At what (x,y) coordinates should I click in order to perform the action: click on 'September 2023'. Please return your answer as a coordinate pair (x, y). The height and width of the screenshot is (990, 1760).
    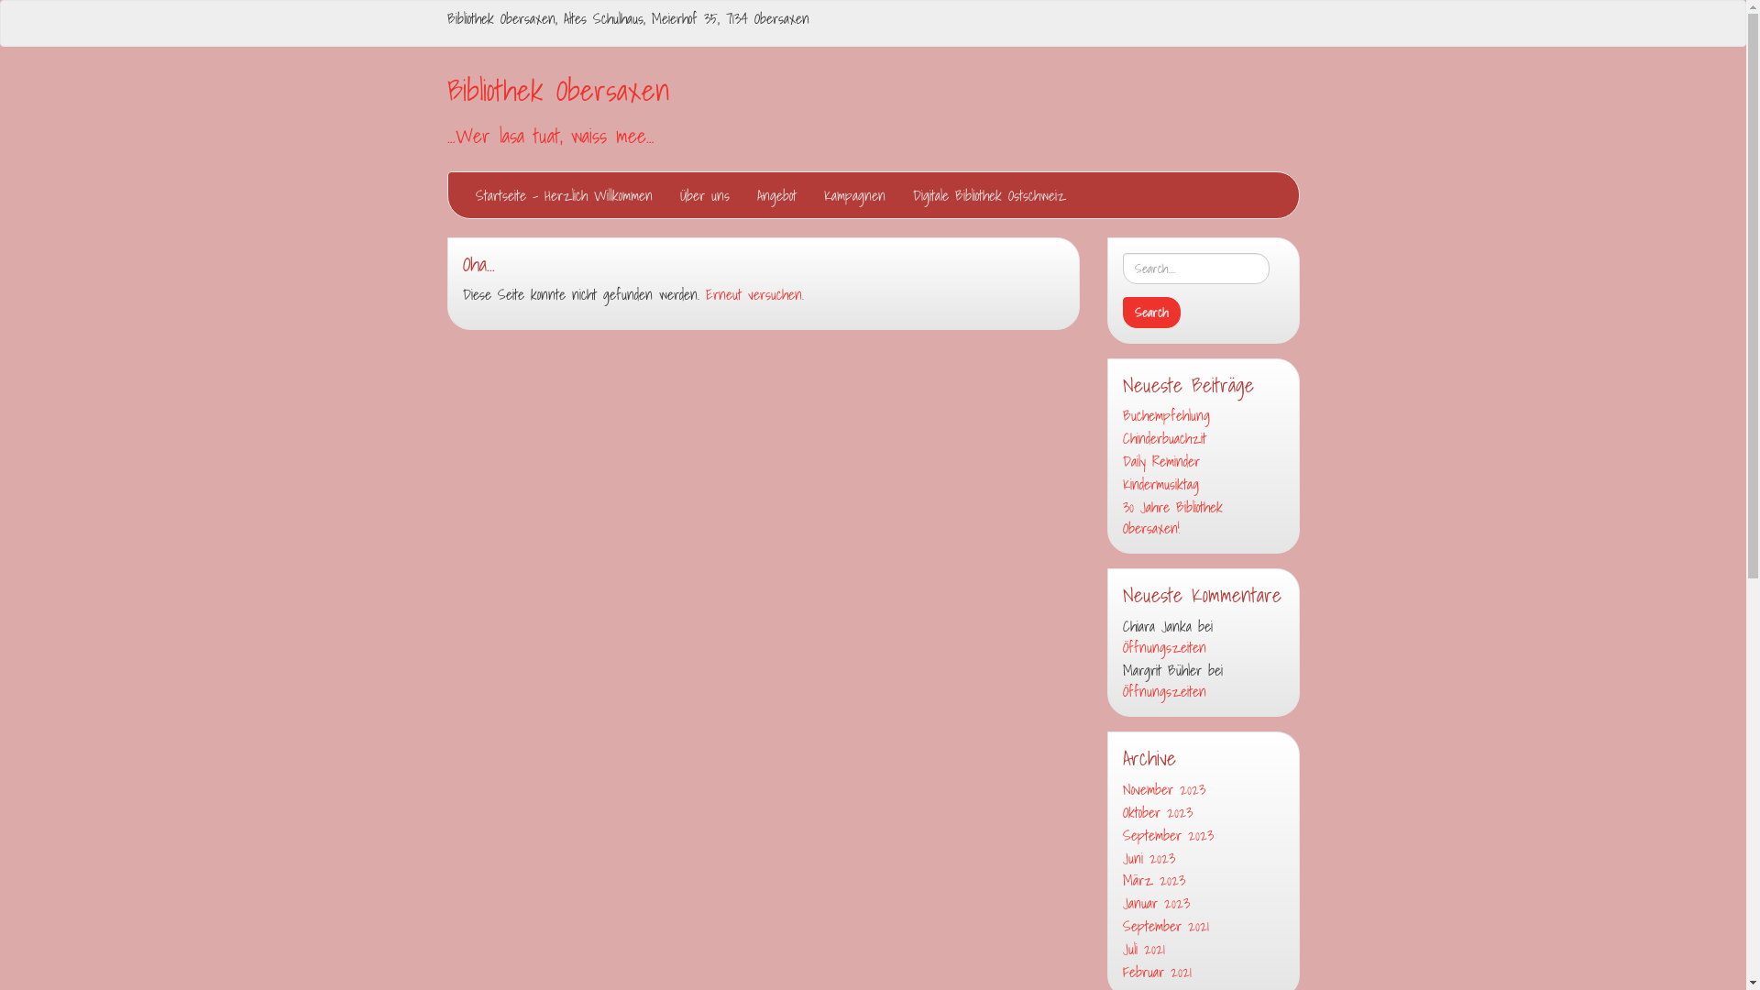
    Looking at the image, I should click on (1202, 835).